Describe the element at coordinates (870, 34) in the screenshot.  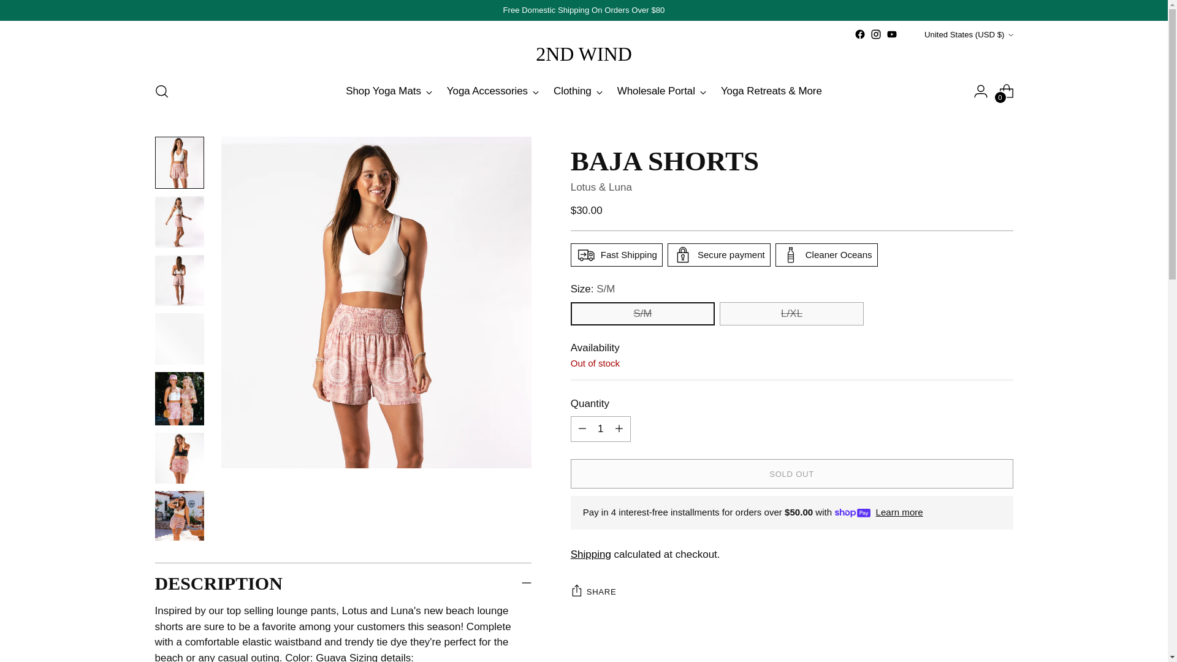
I see `'2nd Wind on Instagram'` at that location.